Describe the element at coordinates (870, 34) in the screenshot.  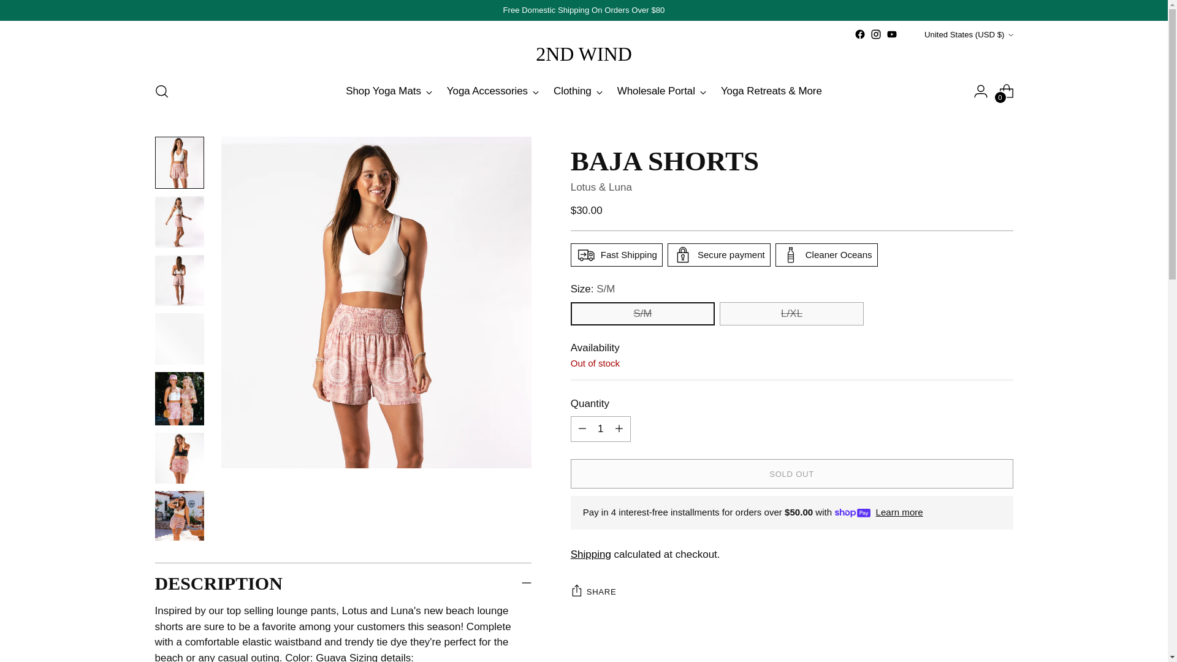
I see `'2nd Wind on Instagram'` at that location.